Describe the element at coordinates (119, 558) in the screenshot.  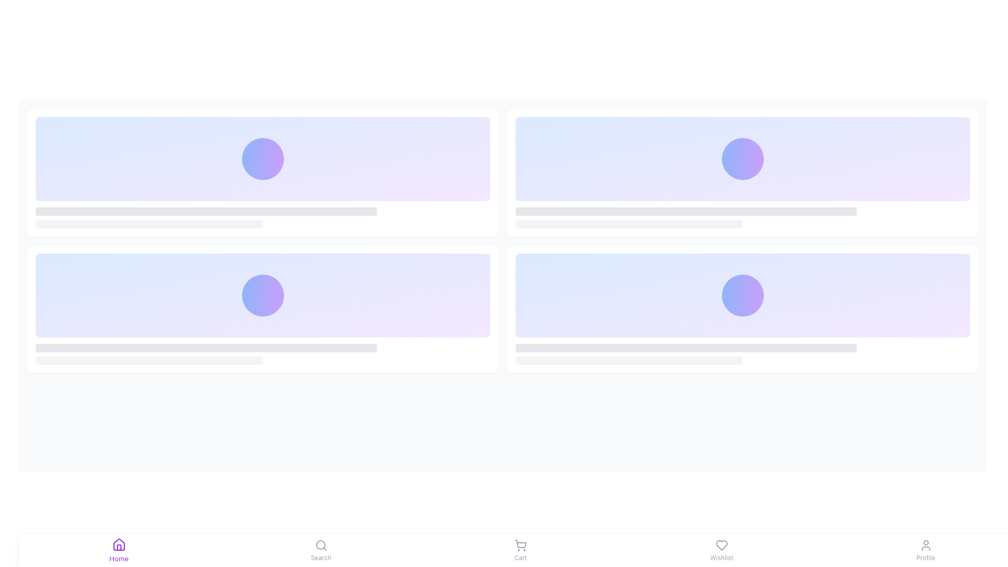
I see `text label 'Home' located beneath the house icon in the bottom navigation bar` at that location.